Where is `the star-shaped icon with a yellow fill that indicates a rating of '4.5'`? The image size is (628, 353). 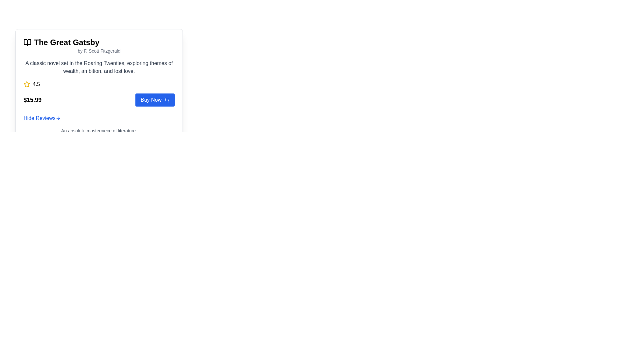
the star-shaped icon with a yellow fill that indicates a rating of '4.5' is located at coordinates (26, 84).